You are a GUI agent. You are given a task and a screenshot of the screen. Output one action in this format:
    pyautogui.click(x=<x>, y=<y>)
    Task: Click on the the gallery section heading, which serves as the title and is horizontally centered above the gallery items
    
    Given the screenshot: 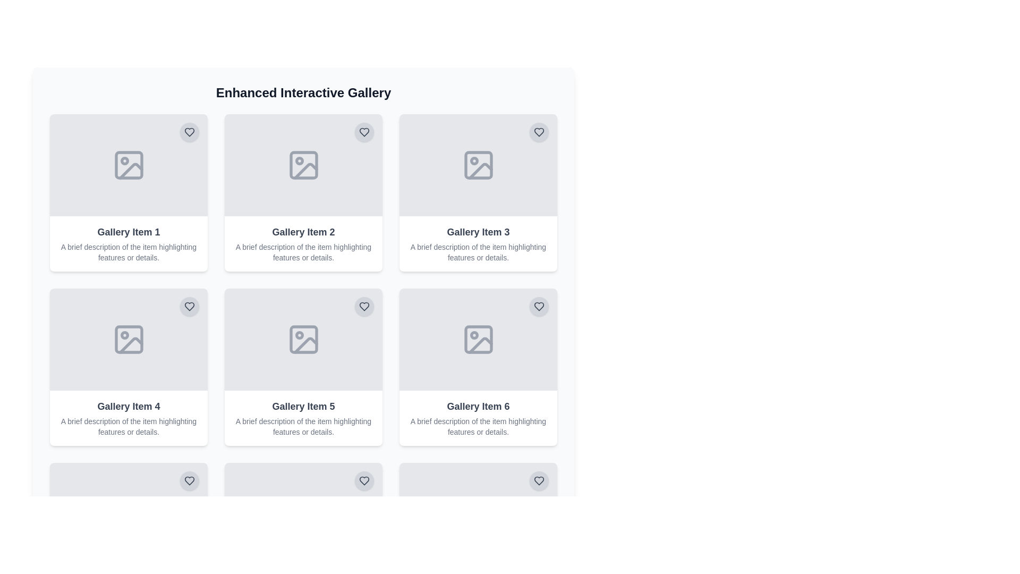 What is the action you would take?
    pyautogui.click(x=303, y=92)
    